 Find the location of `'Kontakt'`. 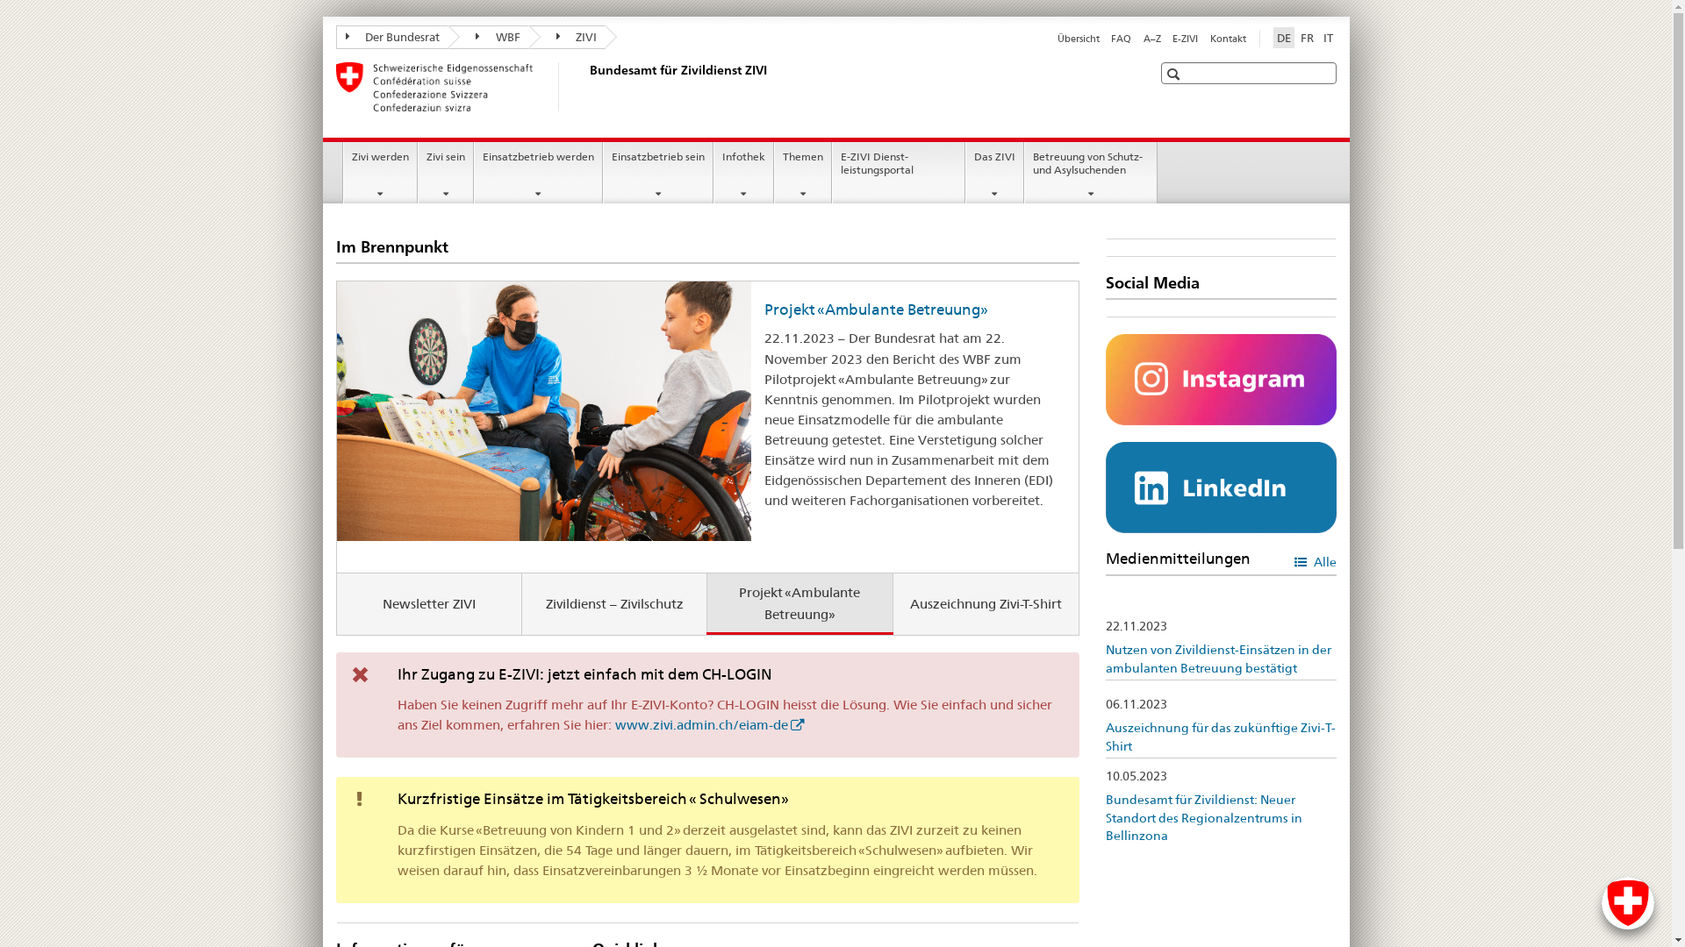

'Kontakt' is located at coordinates (1226, 38).